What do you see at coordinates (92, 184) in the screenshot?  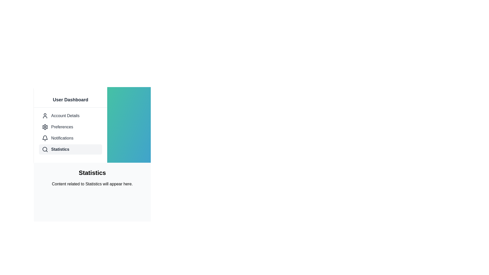 I see `the text block that serves as a placeholder for content related to 'Statistics', located below the 'Statistics' heading` at bounding box center [92, 184].